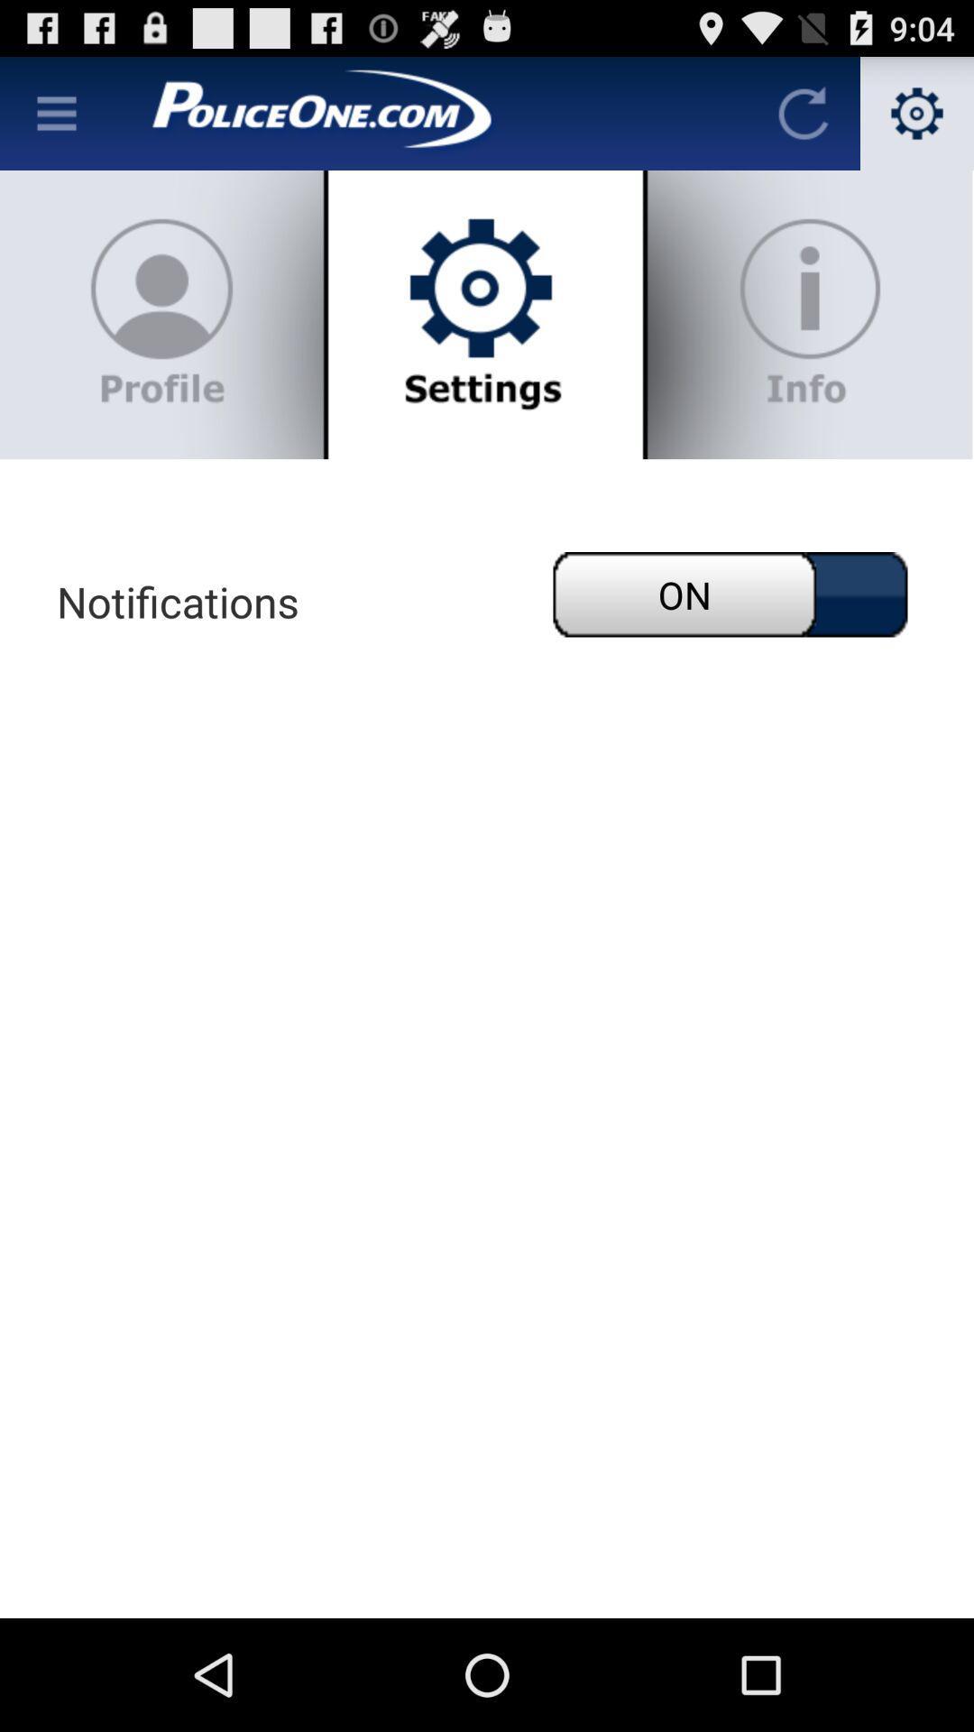 This screenshot has width=974, height=1732. What do you see at coordinates (917, 120) in the screenshot?
I see `the settings icon` at bounding box center [917, 120].